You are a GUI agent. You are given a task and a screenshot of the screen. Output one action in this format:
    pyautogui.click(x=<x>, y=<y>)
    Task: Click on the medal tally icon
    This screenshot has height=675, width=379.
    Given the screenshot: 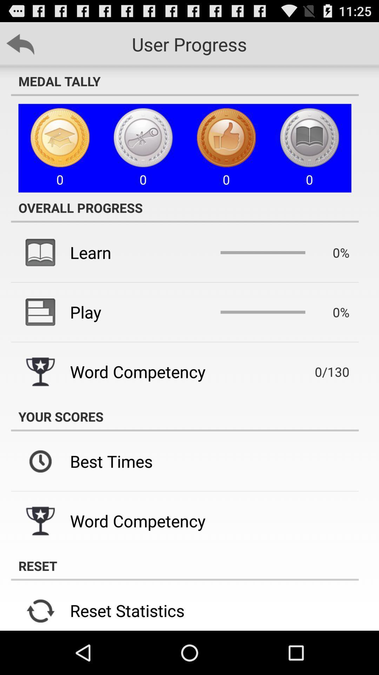 What is the action you would take?
    pyautogui.click(x=184, y=81)
    